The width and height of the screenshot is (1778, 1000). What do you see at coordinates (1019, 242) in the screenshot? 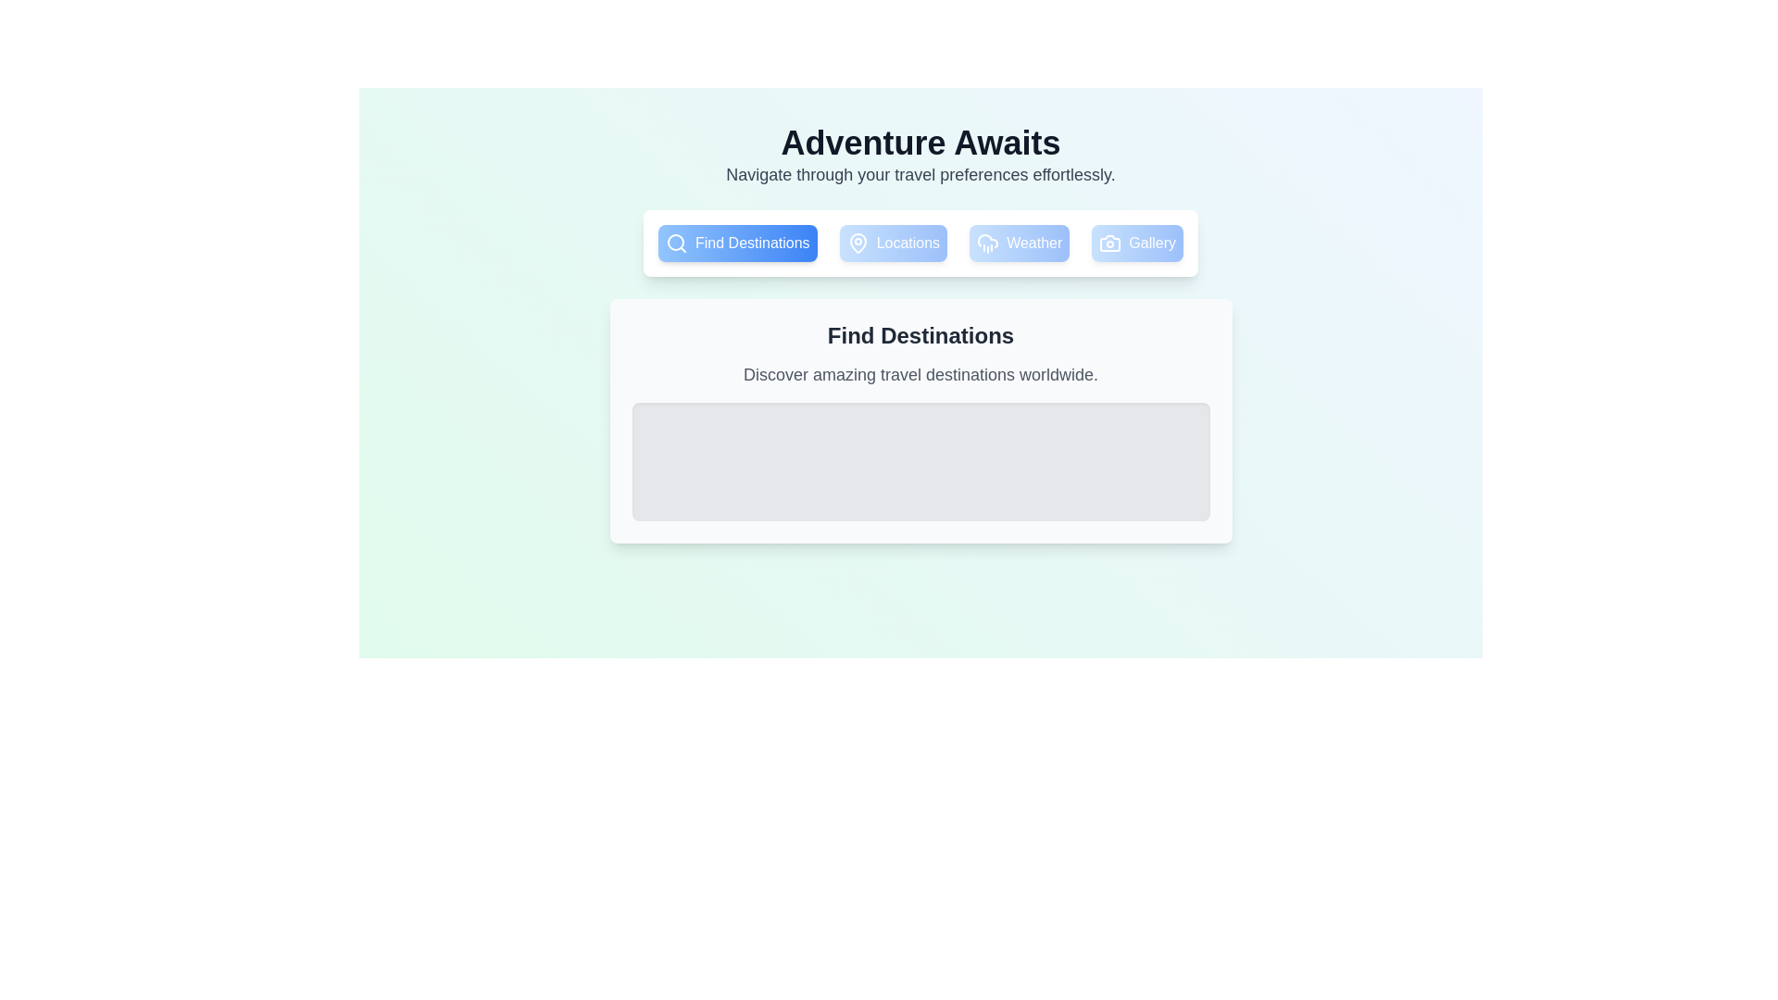
I see `the tab labeled Weather` at bounding box center [1019, 242].